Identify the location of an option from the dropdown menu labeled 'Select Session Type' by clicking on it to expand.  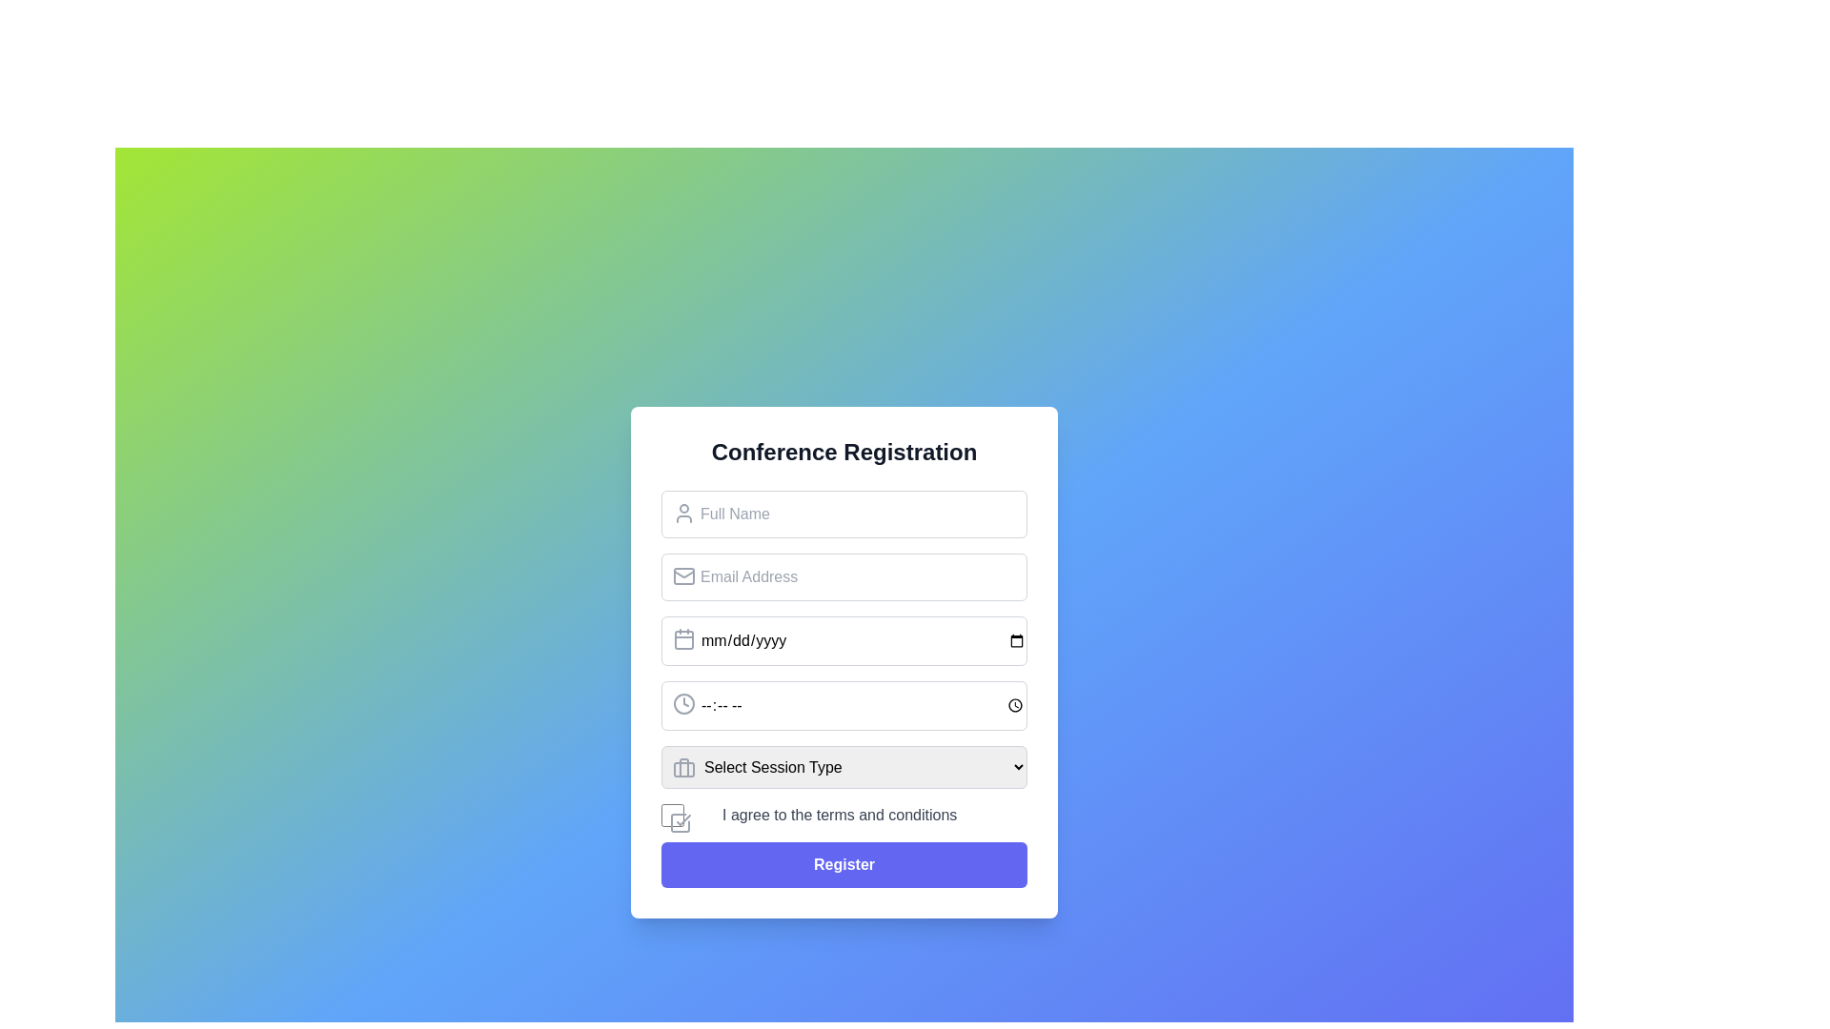
(844, 766).